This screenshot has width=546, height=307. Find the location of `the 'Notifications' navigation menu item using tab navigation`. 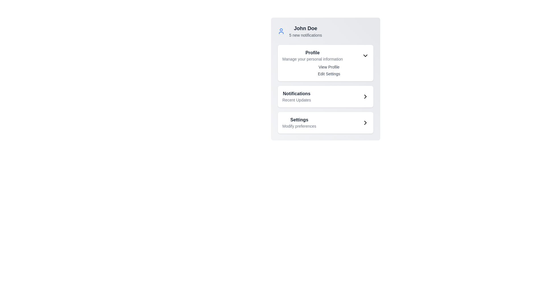

the 'Notifications' navigation menu item using tab navigation is located at coordinates (296, 96).